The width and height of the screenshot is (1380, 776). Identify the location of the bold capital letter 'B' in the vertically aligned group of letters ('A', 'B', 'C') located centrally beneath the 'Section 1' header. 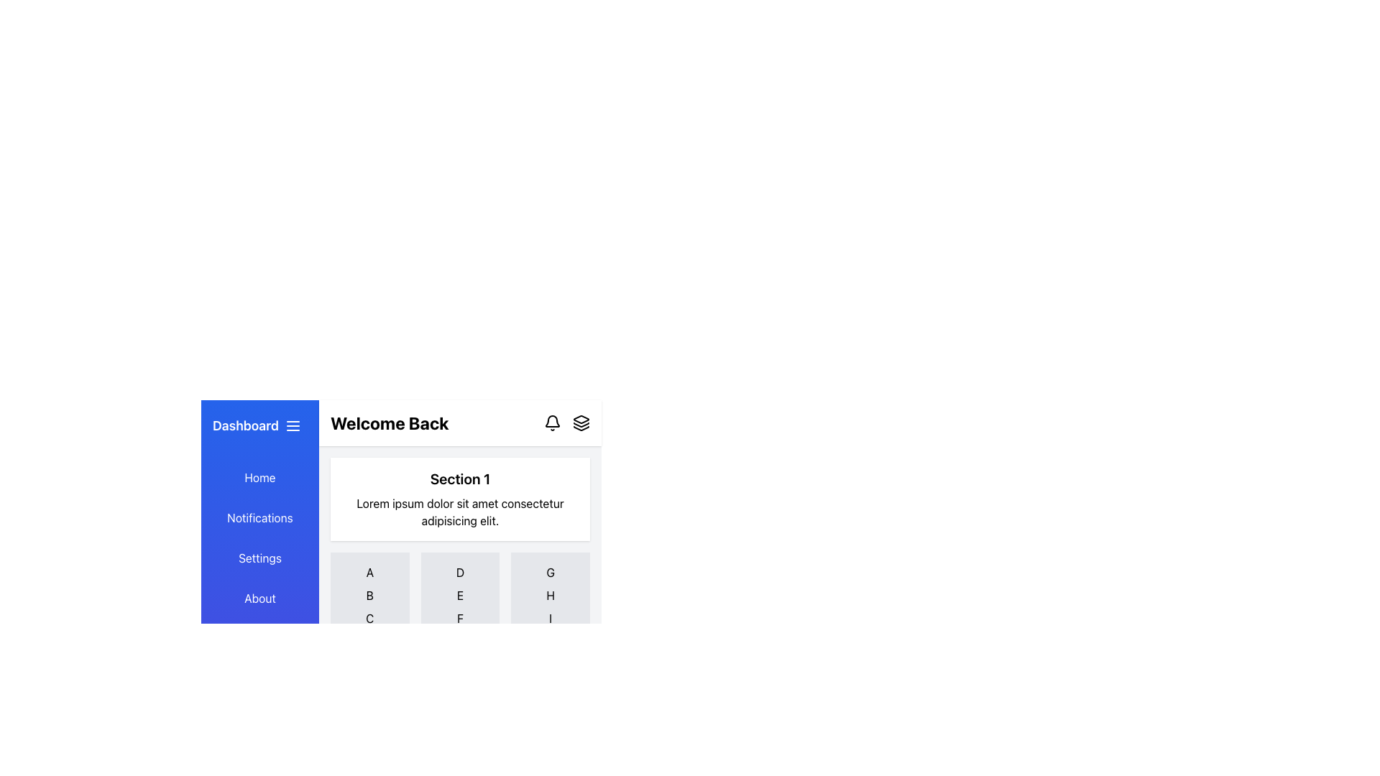
(369, 596).